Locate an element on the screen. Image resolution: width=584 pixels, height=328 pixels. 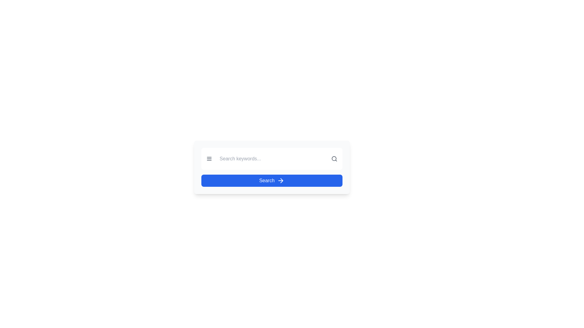
the text label indicating the purpose of the associated search button by moving the cursor to its center for reading is located at coordinates (267, 180).